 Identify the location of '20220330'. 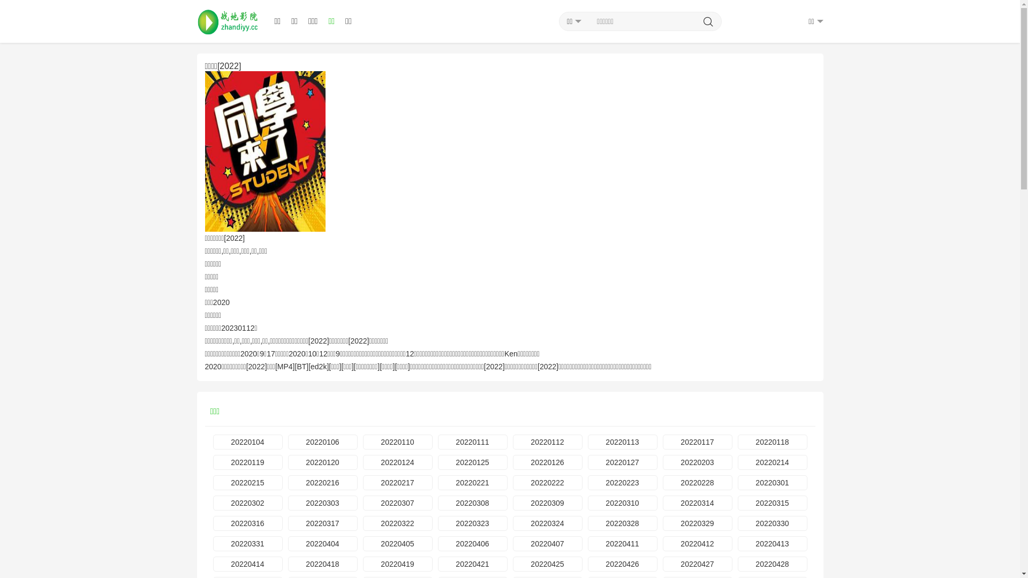
(773, 523).